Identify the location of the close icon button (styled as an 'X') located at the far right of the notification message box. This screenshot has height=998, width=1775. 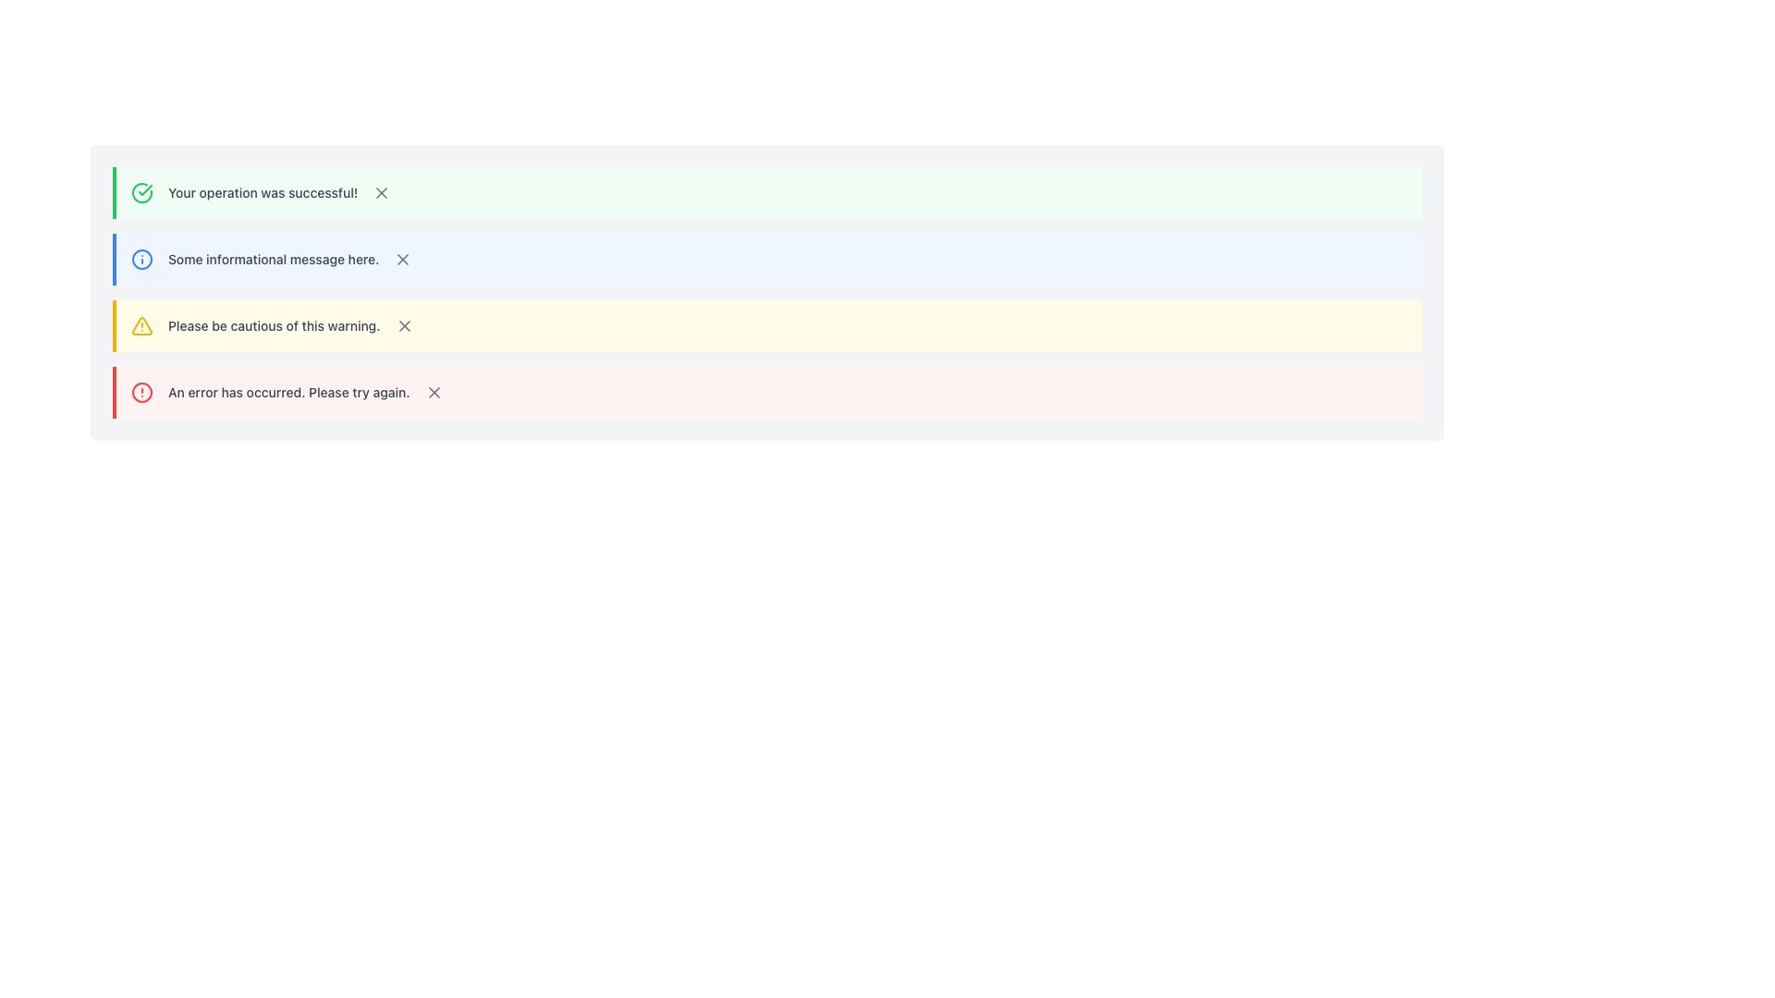
(402, 260).